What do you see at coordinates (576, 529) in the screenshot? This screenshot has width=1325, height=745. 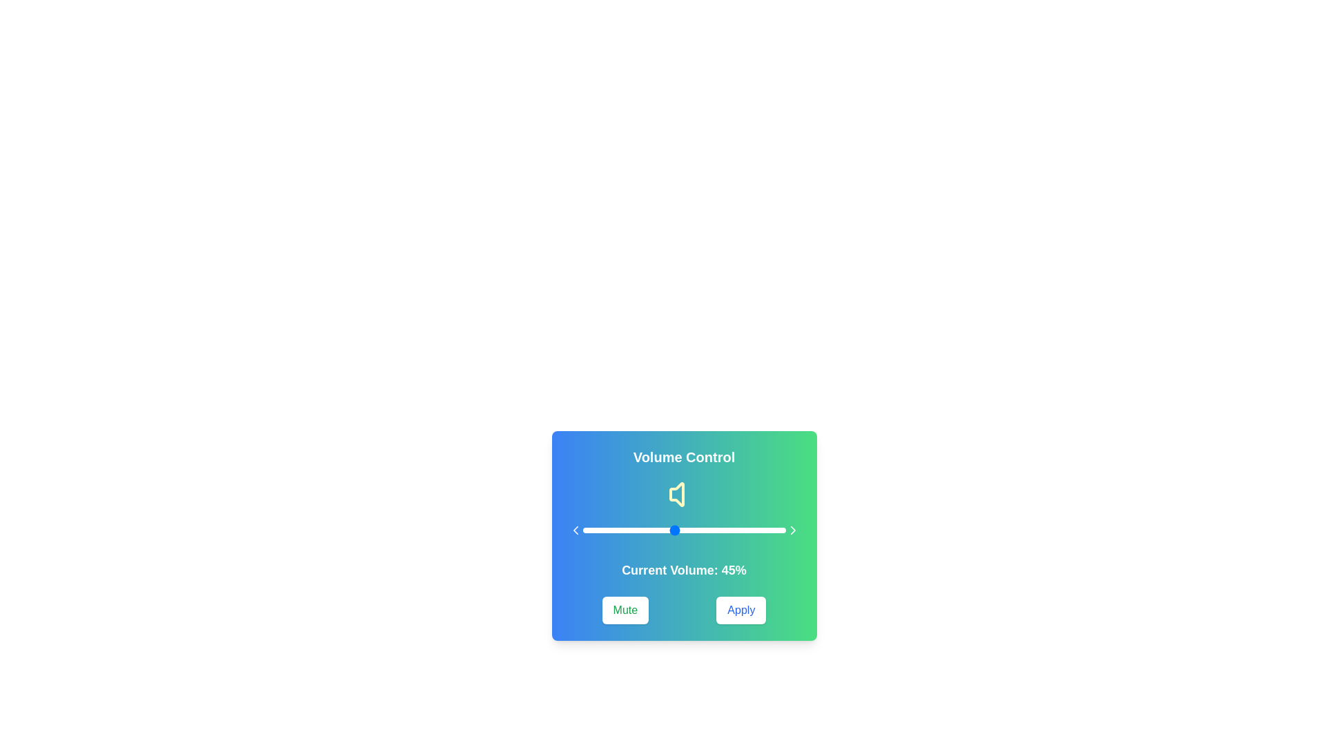 I see `the left chevron button to decrease the volume` at bounding box center [576, 529].